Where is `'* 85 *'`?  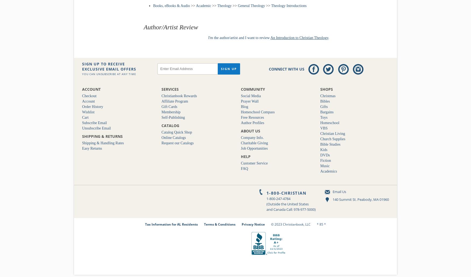
'* 85 *' is located at coordinates (317, 224).